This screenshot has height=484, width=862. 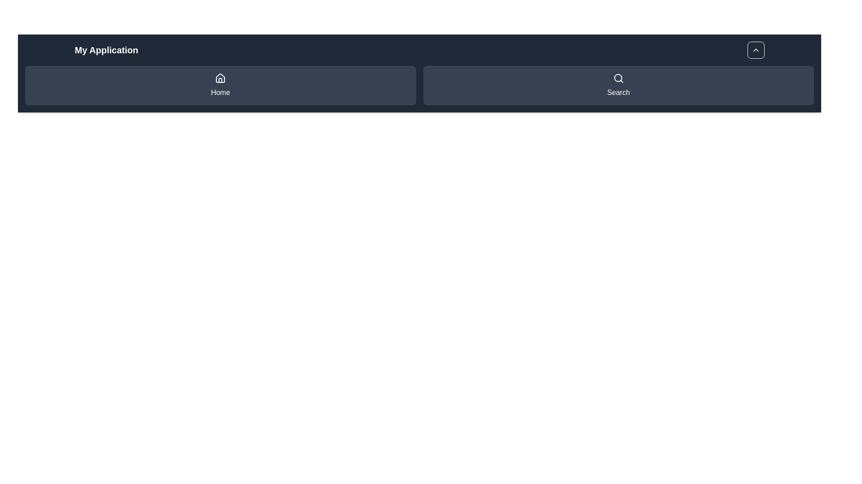 I want to click on the upward navigation icon located in the top-right corner of the header section, so click(x=755, y=50).